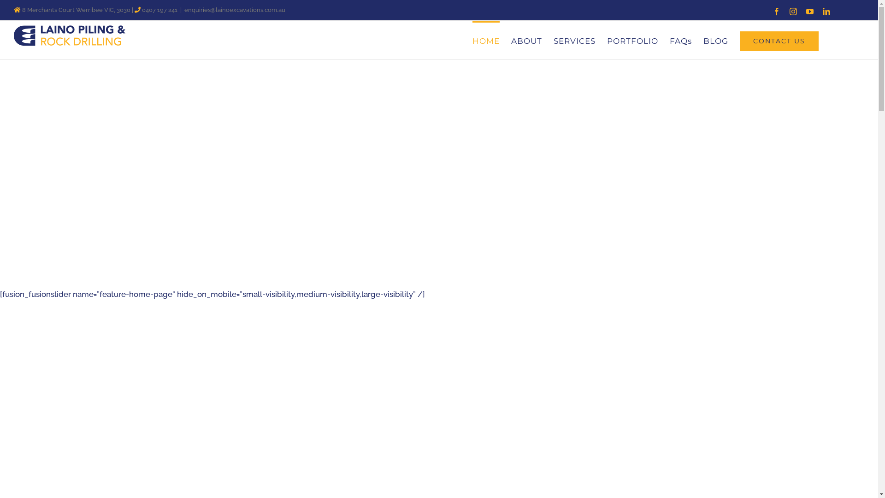 This screenshot has height=498, width=885. What do you see at coordinates (805, 11) in the screenshot?
I see `'YouTube'` at bounding box center [805, 11].